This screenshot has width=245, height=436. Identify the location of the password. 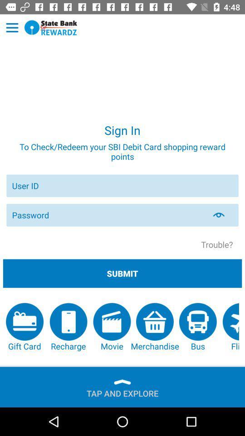
(224, 215).